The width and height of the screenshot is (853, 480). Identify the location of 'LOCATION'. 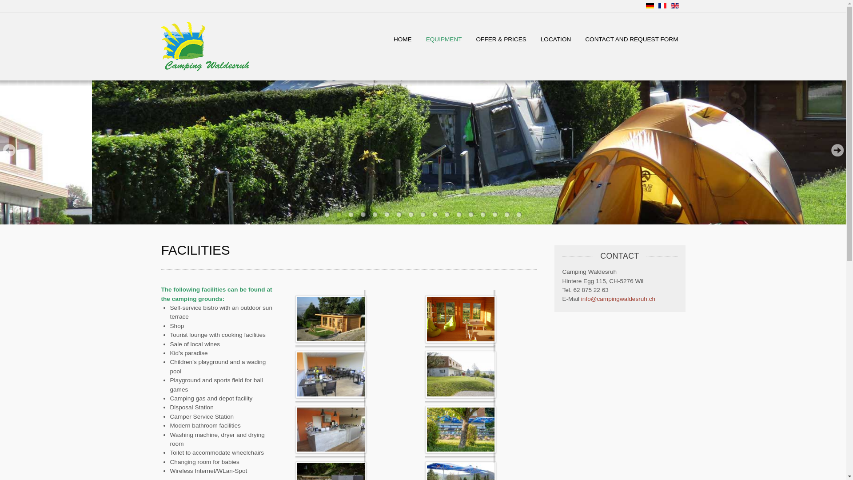
(555, 39).